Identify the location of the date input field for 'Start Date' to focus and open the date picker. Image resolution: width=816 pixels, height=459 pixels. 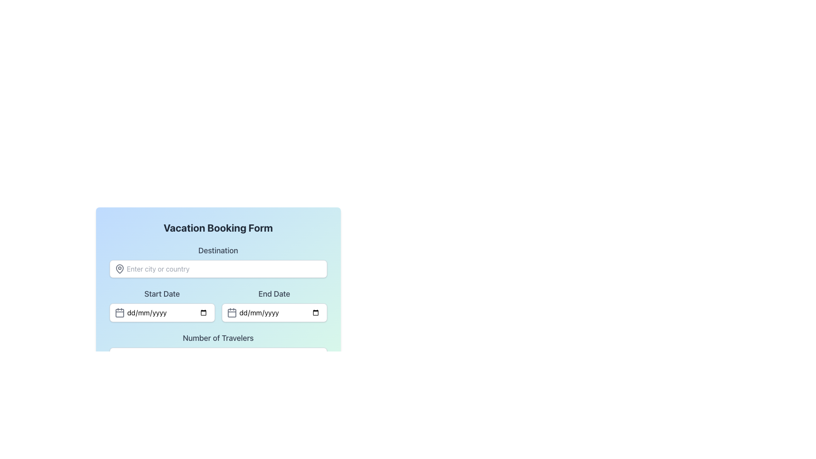
(162, 313).